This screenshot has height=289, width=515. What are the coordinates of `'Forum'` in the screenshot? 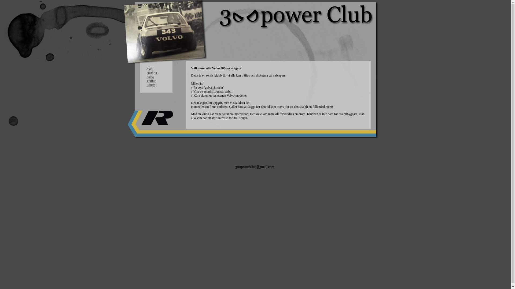 It's located at (146, 84).